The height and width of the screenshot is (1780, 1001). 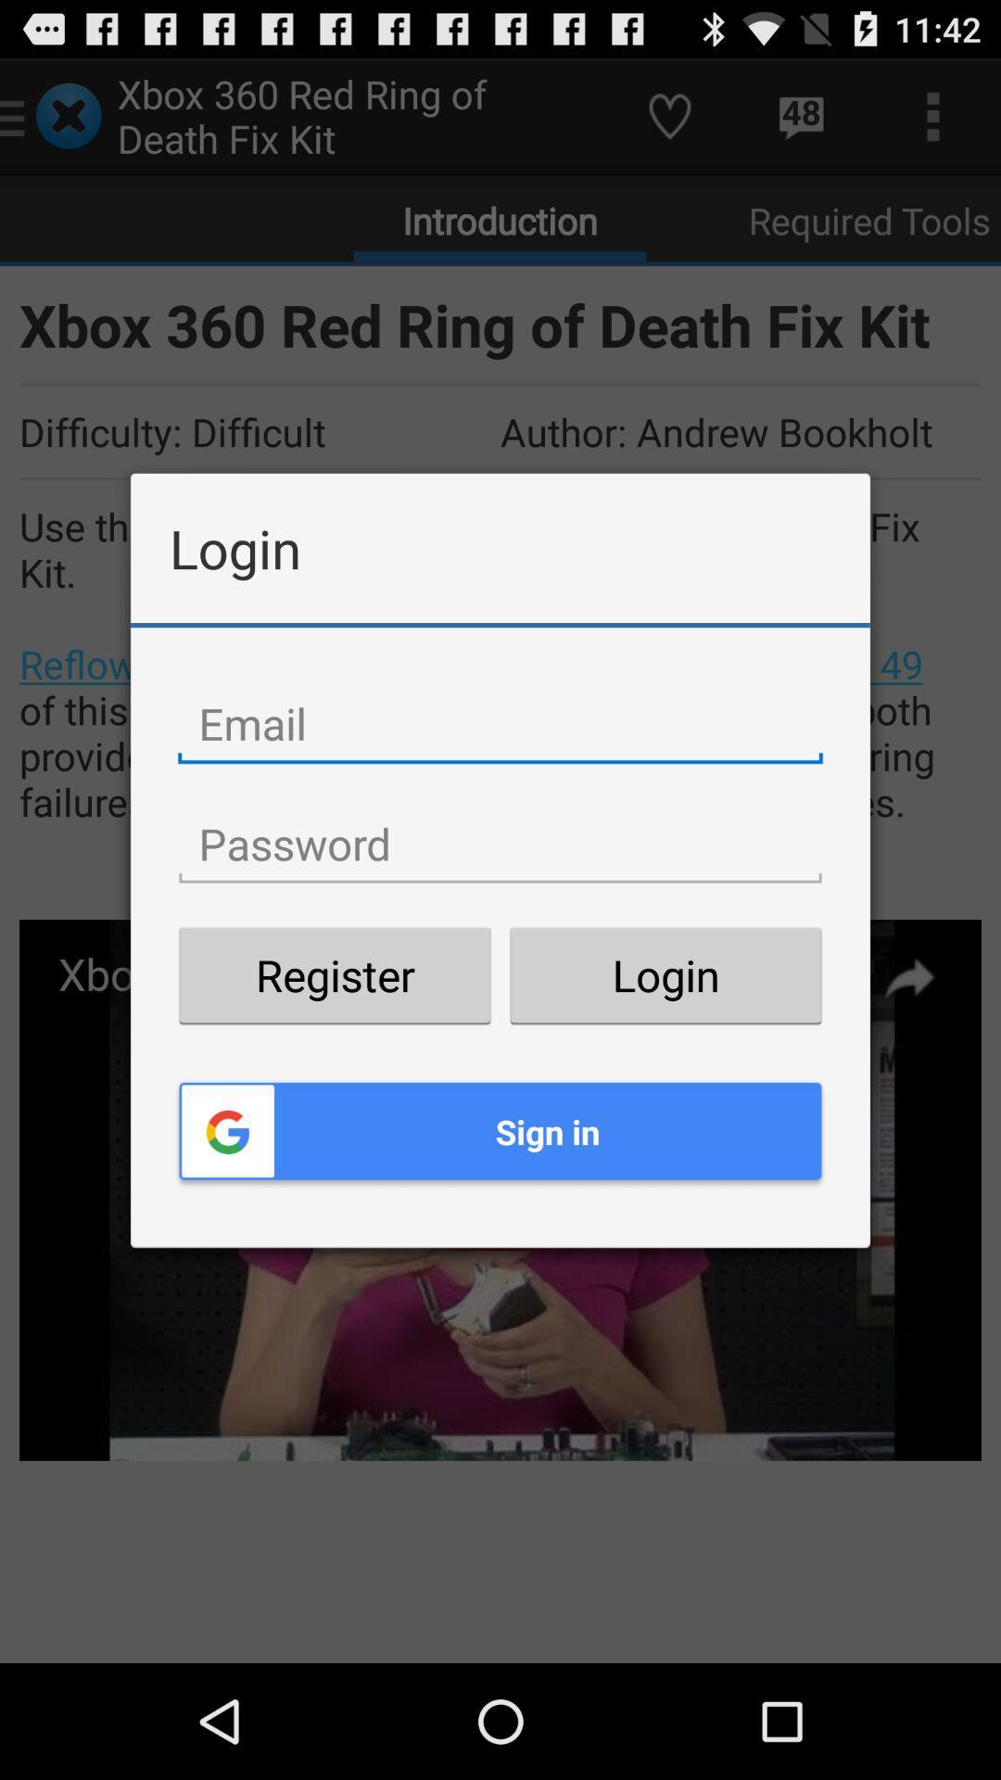 I want to click on email text box, so click(x=500, y=723).